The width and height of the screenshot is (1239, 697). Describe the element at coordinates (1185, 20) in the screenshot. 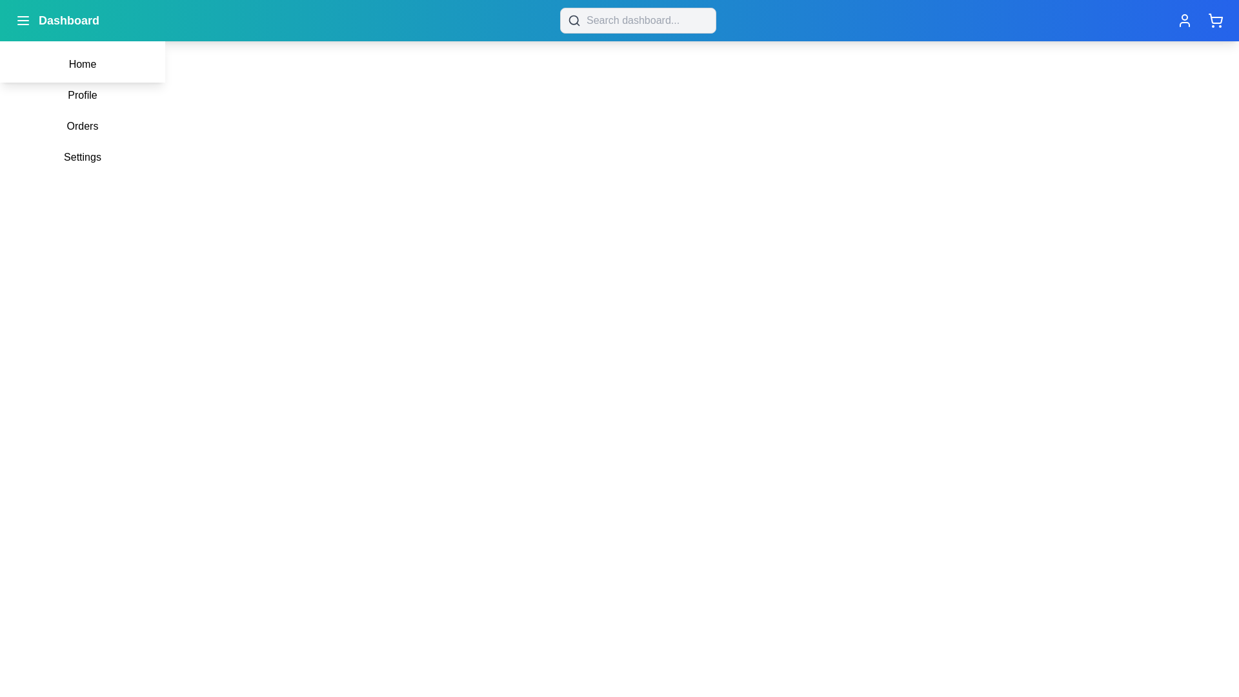

I see `the User Profile icon located on the far right side of the top navigation bar` at that location.